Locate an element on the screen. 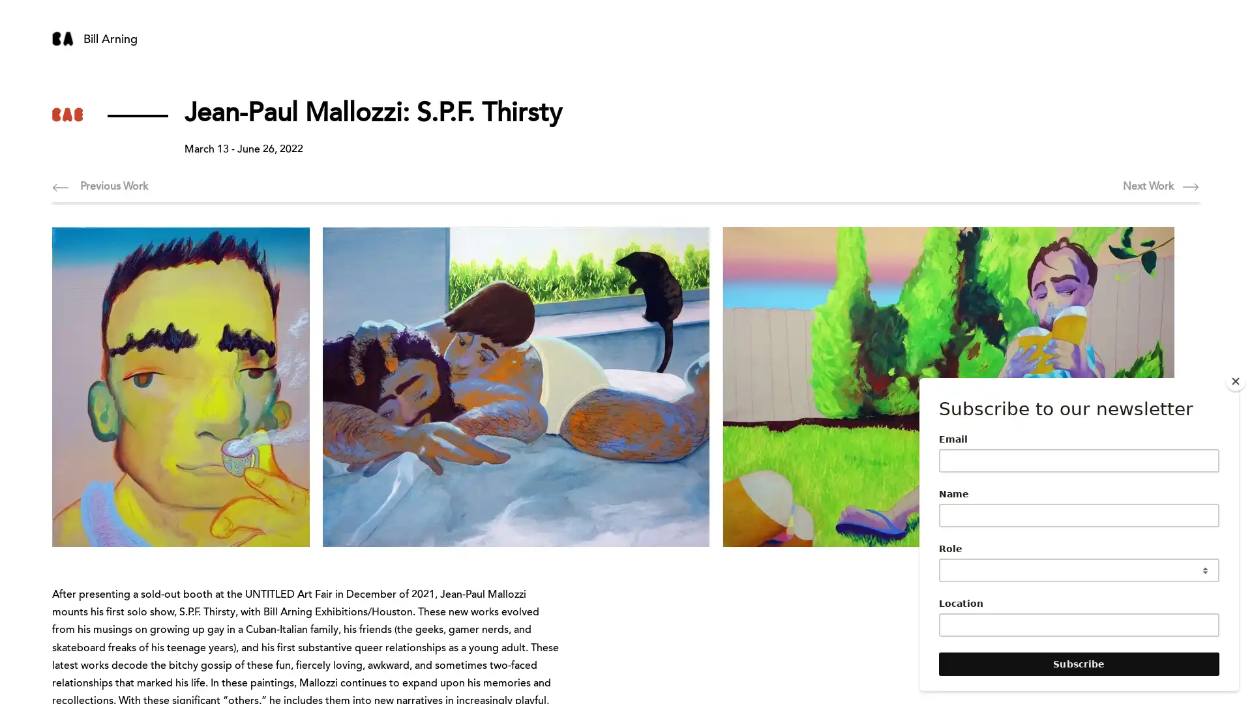 This screenshot has width=1252, height=704. Mallozzi,JP(WorkOnYoutBase).jpg is located at coordinates (948, 386).